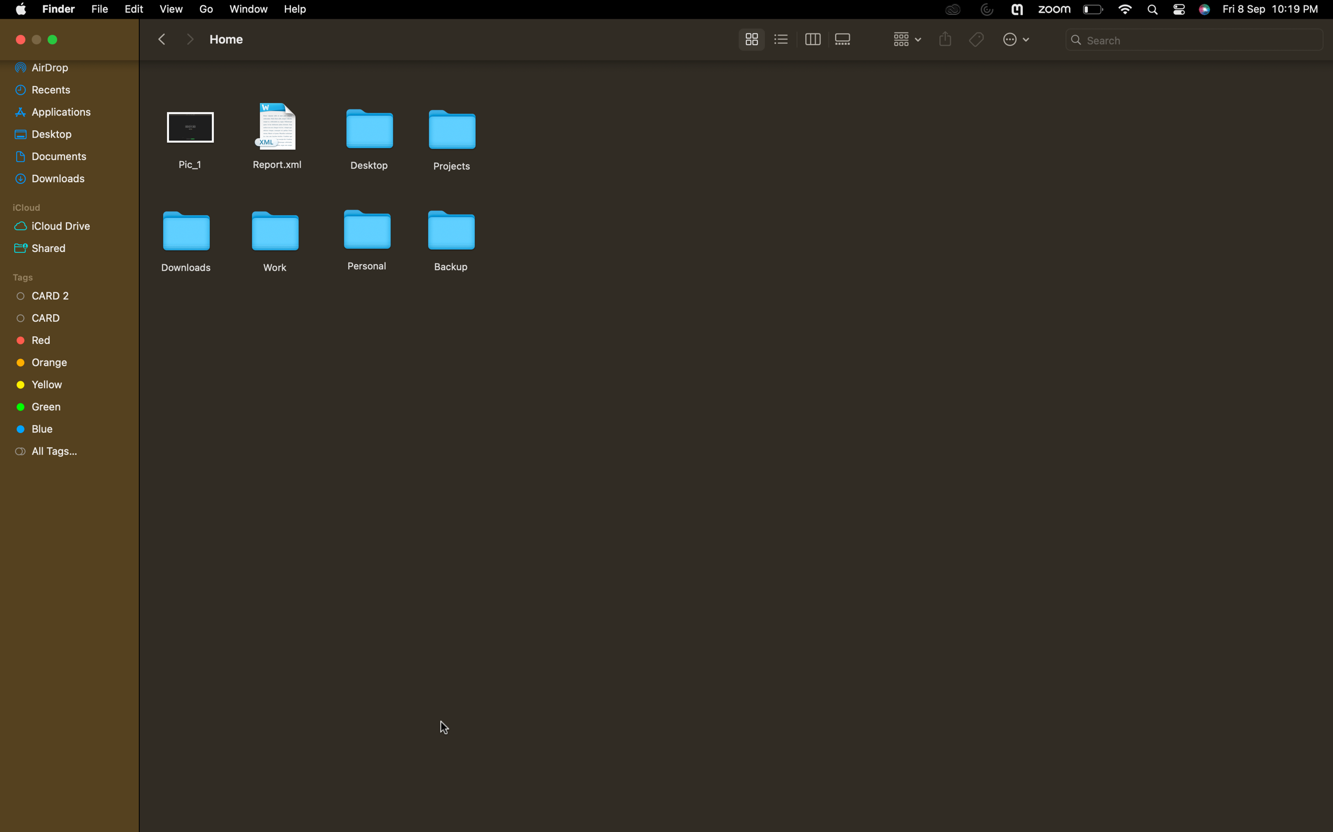 This screenshot has height=832, width=1333. I want to click on Terminate the active window, so click(20, 40).